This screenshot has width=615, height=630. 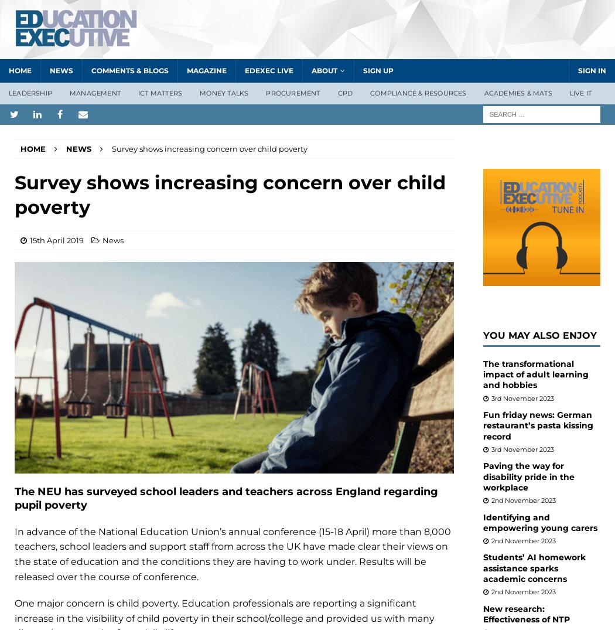 I want to click on 'In advance of the National Education Union’s annual conference (15-18 April) more than 8,000 teachers, school leaders and support staff from across the UK have made clear their views on the state of education and the conditions they are having to work under. Results will be released over the course of conference.', so click(x=233, y=554).